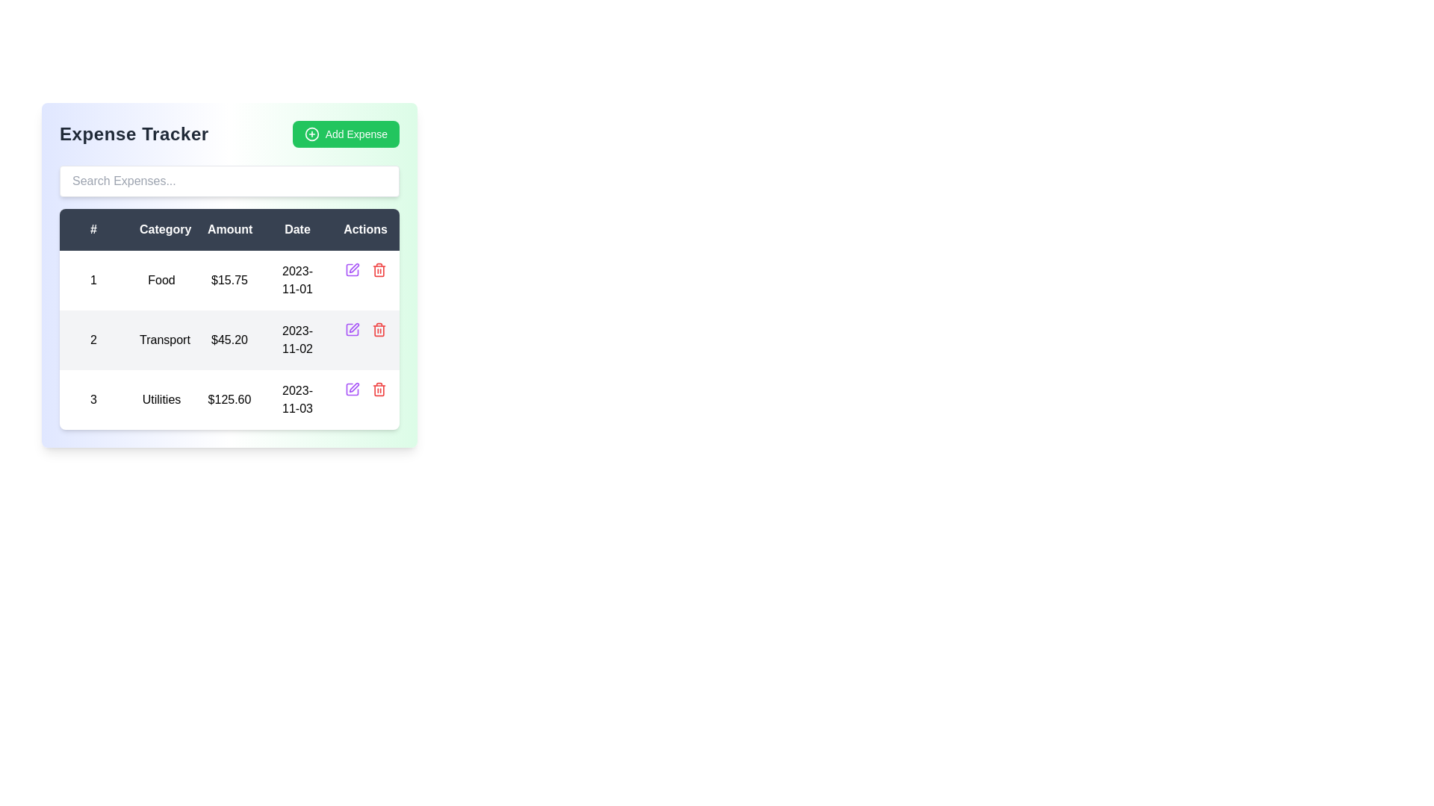 Image resolution: width=1434 pixels, height=806 pixels. What do you see at coordinates (311, 134) in the screenshot?
I see `the plus-circle icon located in the top-right corner of the interface, inside the green button labeled 'Add Expense', to initiate the addition of an expense` at bounding box center [311, 134].